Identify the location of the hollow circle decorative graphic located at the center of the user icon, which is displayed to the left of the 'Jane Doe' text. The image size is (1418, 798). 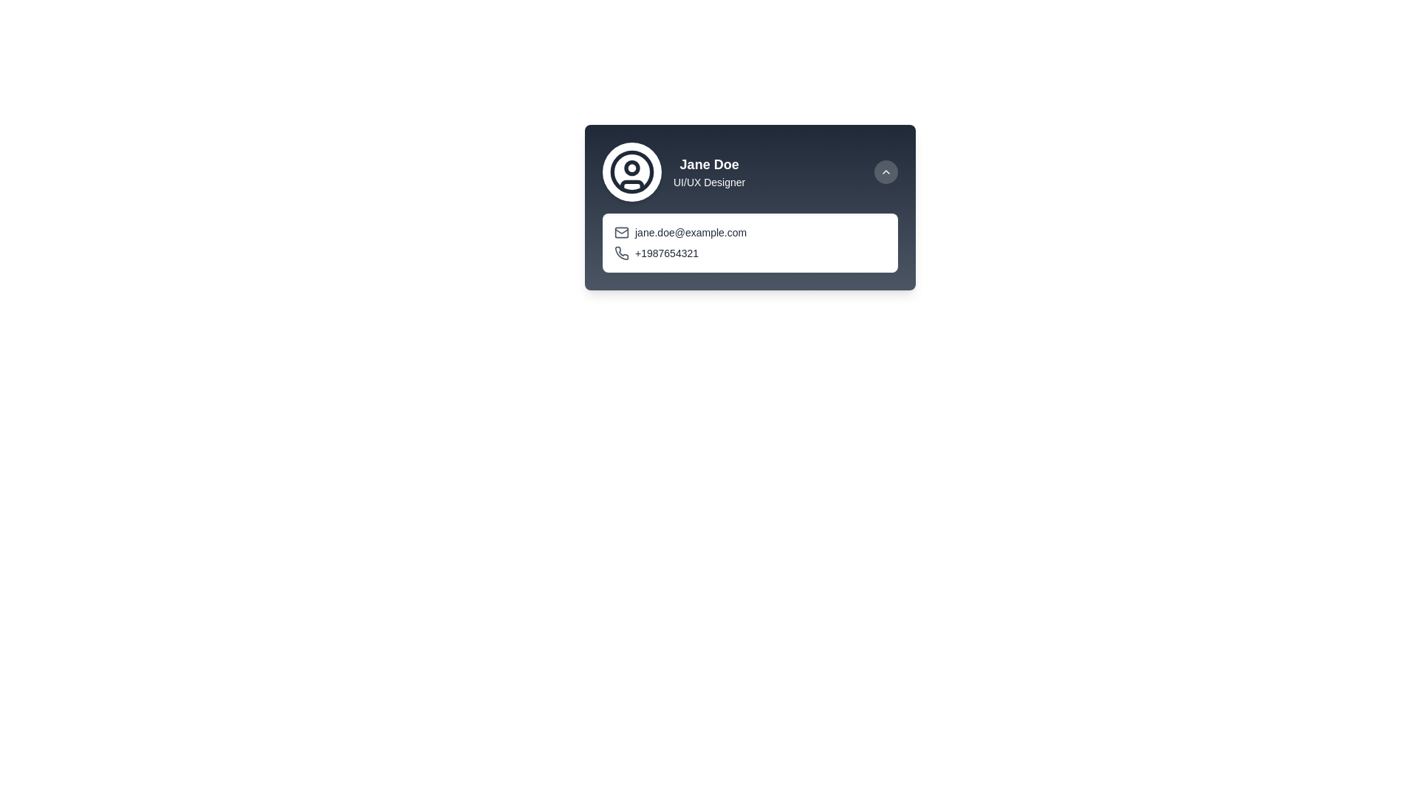
(631, 170).